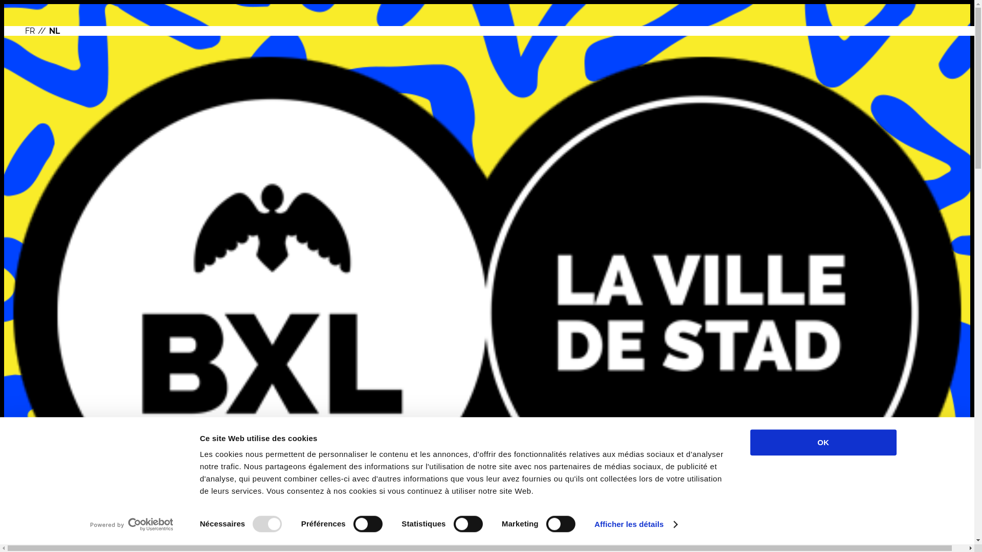 This screenshot has height=552, width=982. What do you see at coordinates (822, 442) in the screenshot?
I see `'OK'` at bounding box center [822, 442].